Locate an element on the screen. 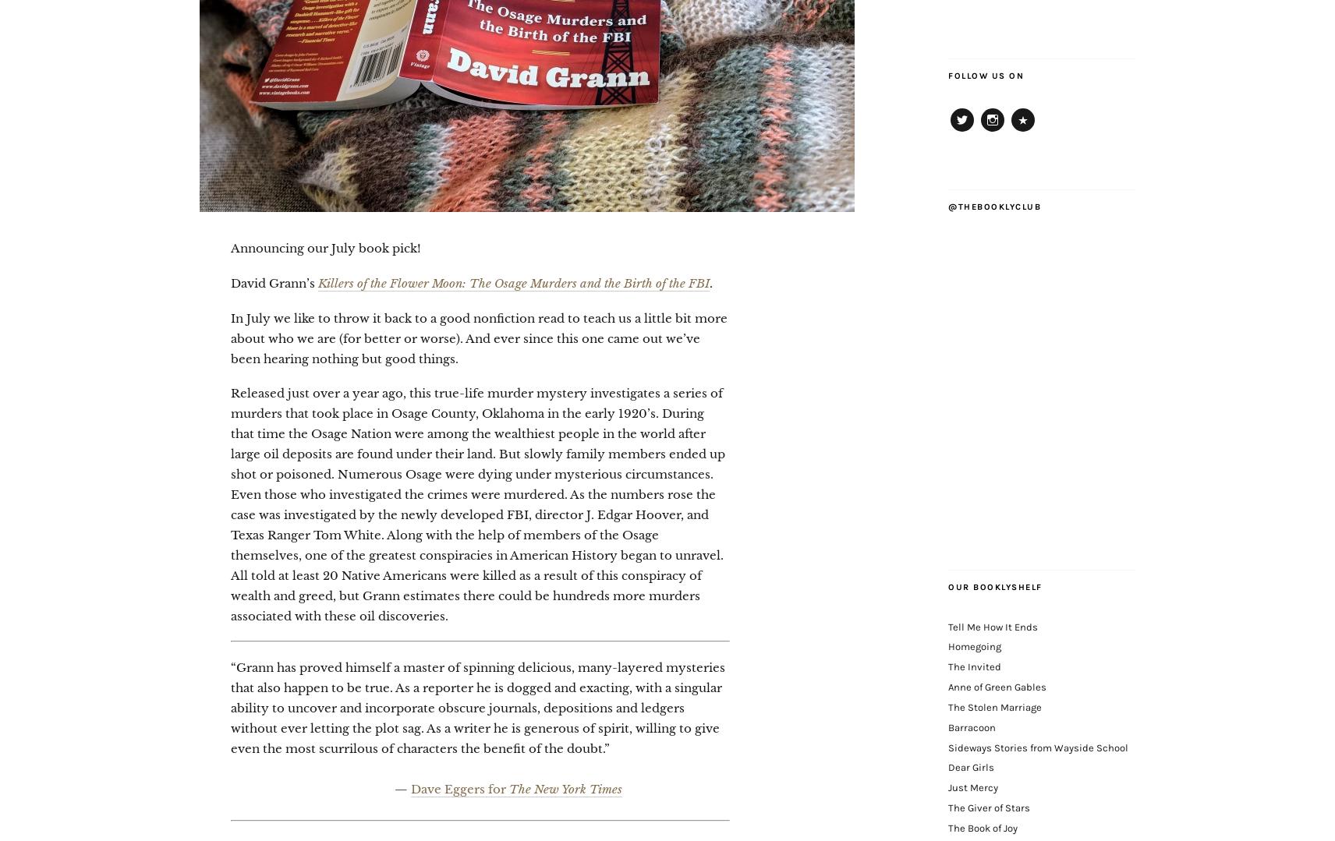 Image resolution: width=1335 pixels, height=841 pixels. 'Follow us on' is located at coordinates (986, 75).